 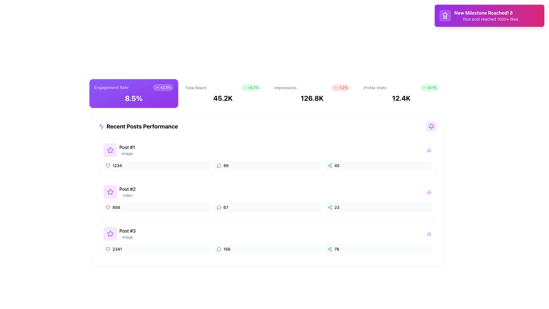 I want to click on the static text displaying the comment count for 'Post #2' located to the right of the blue chat bubble icon in the 'Recent Posts Performance' section, so click(x=225, y=207).